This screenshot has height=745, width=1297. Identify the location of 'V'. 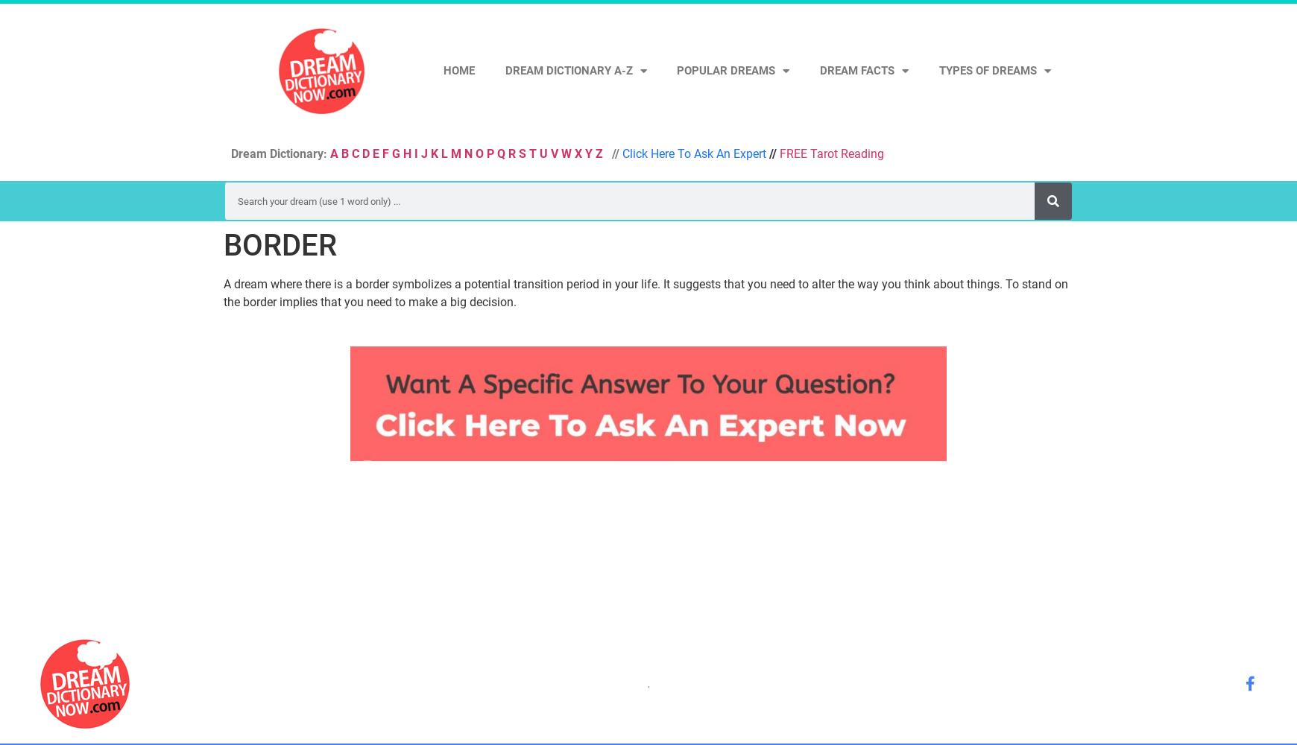
(550, 153).